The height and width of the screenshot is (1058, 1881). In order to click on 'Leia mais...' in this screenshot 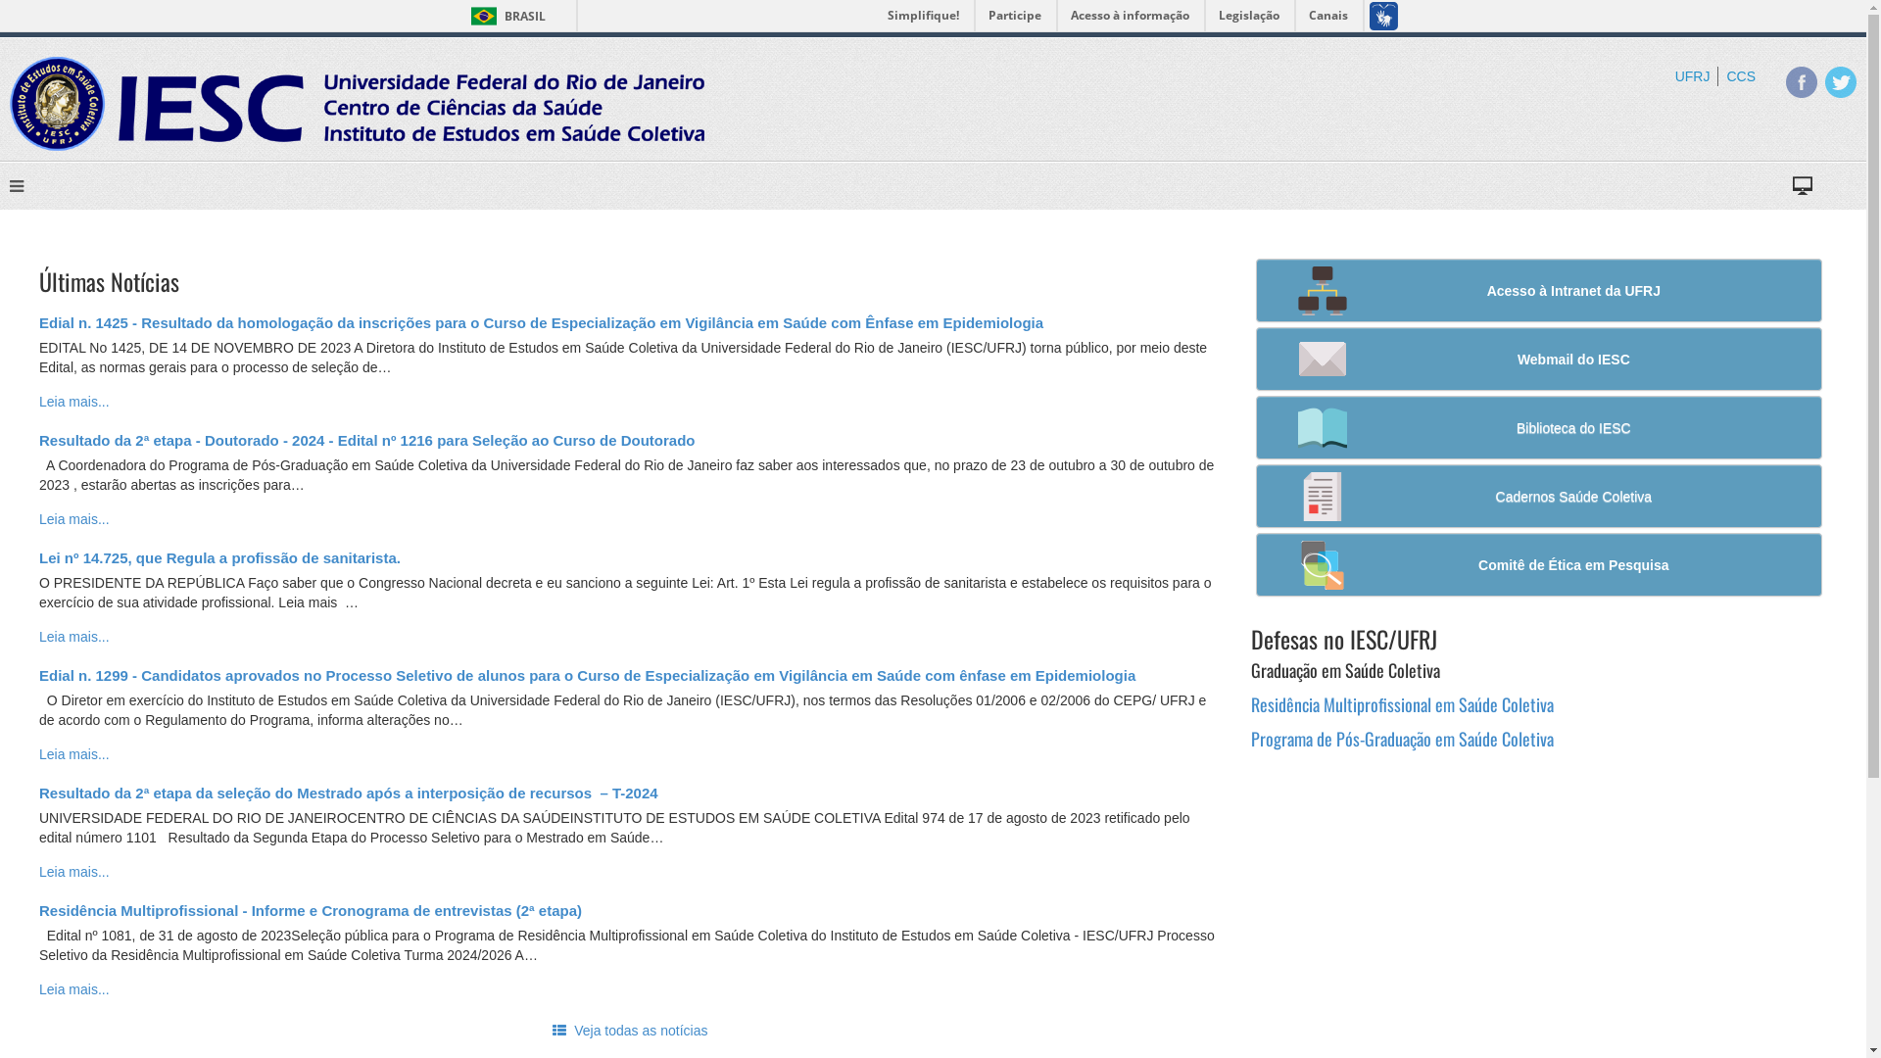, I will do `click(74, 517)`.